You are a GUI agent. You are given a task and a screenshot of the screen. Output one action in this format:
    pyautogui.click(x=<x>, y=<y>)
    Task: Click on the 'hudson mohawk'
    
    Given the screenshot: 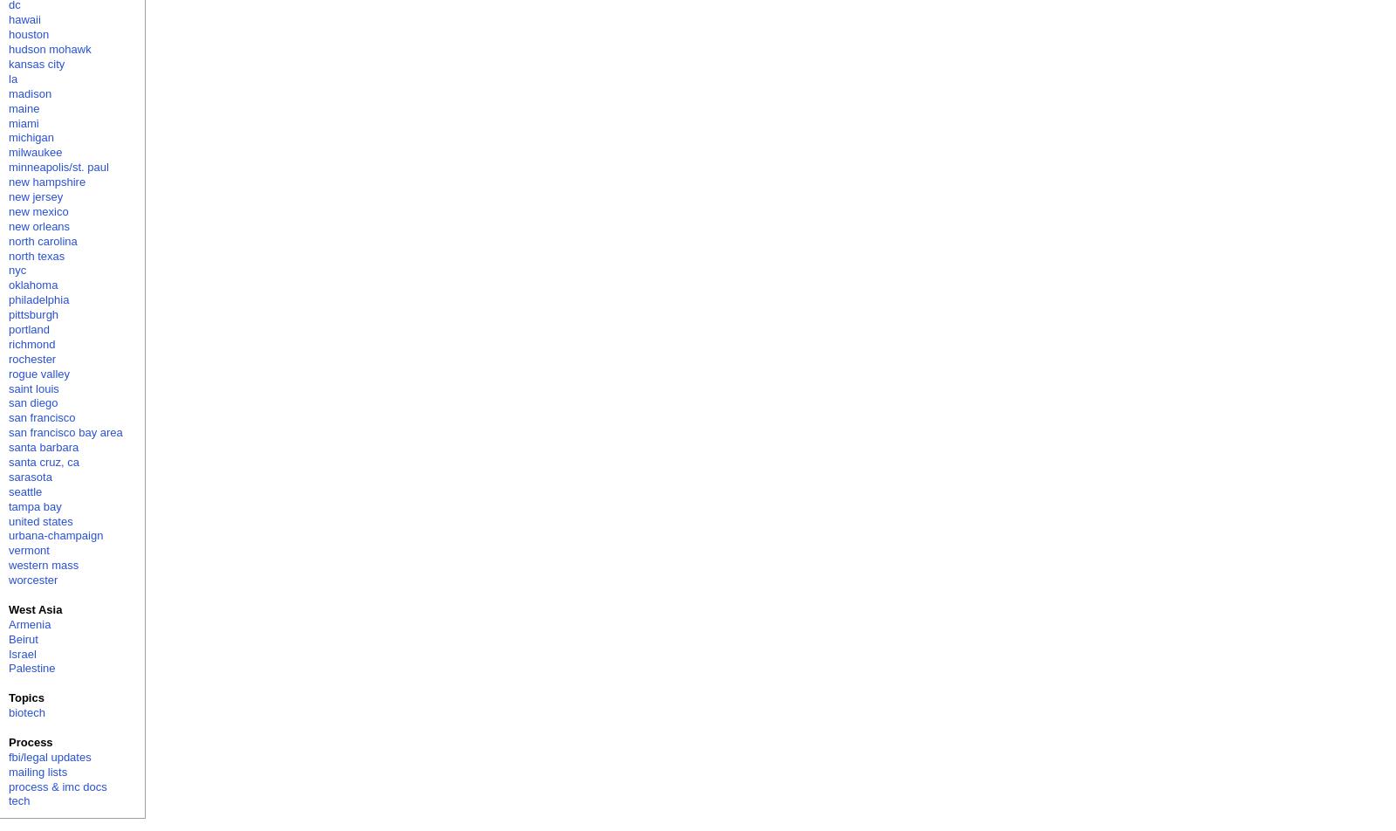 What is the action you would take?
    pyautogui.click(x=48, y=49)
    